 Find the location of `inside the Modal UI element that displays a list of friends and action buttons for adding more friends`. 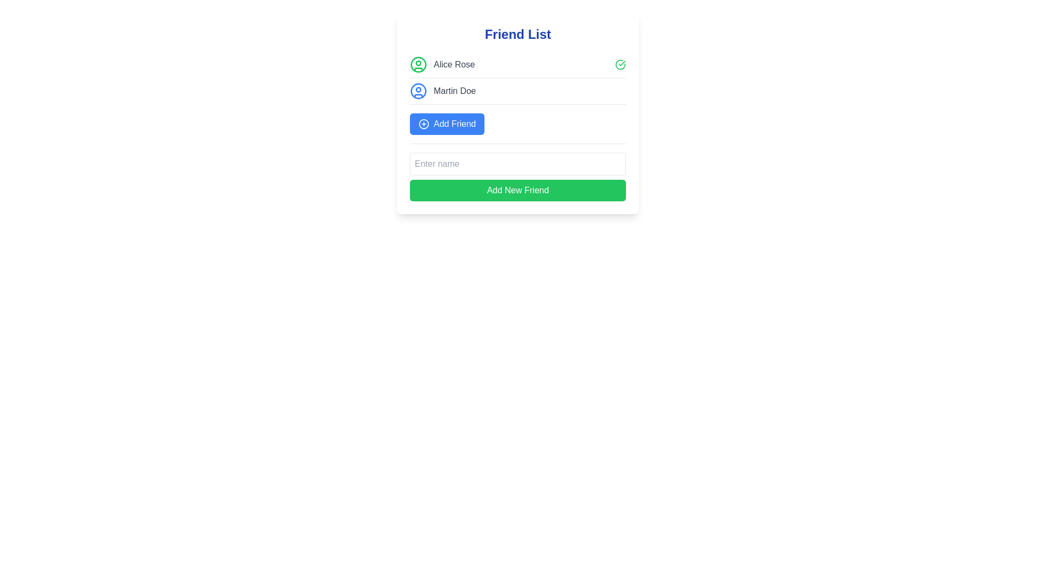

inside the Modal UI element that displays a list of friends and action buttons for adding more friends is located at coordinates (517, 113).